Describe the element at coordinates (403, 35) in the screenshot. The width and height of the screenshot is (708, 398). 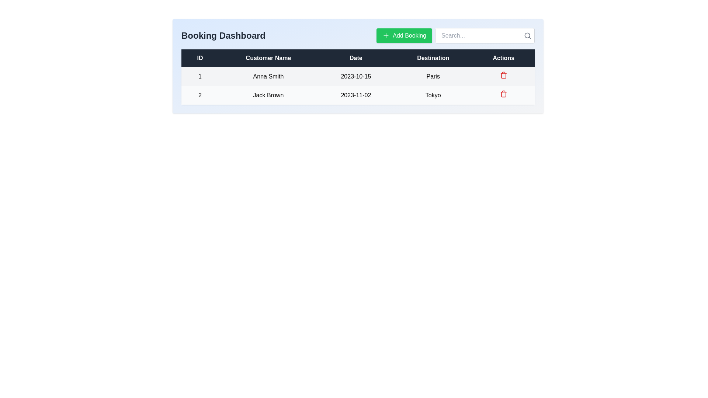
I see `the rectangular green button labeled 'Add Booking' with a white plus icon` at that location.